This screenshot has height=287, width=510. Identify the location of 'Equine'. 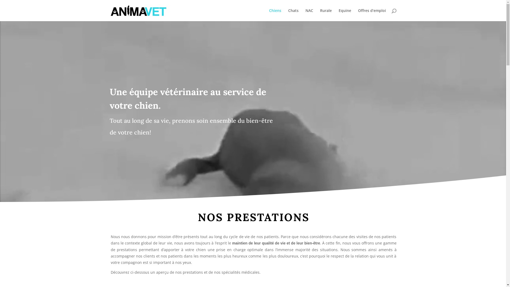
(345, 15).